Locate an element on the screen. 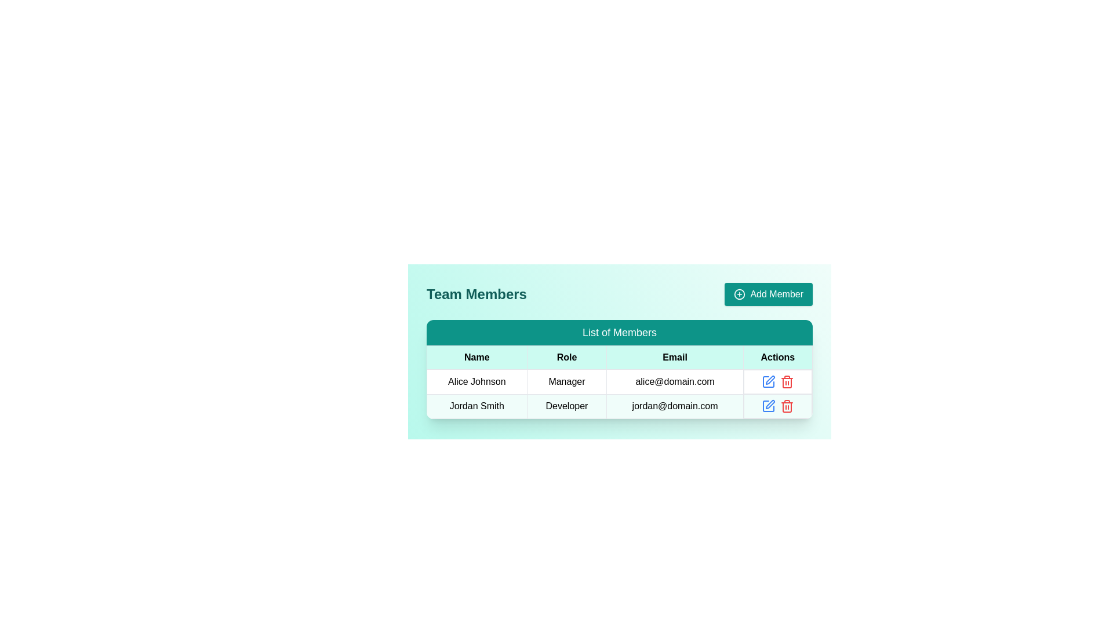 The image size is (1113, 626). the table header cell displaying the word 'Role', which is bordered with a gray line and located between the cells labeled 'Name' and 'Email' is located at coordinates (567, 357).